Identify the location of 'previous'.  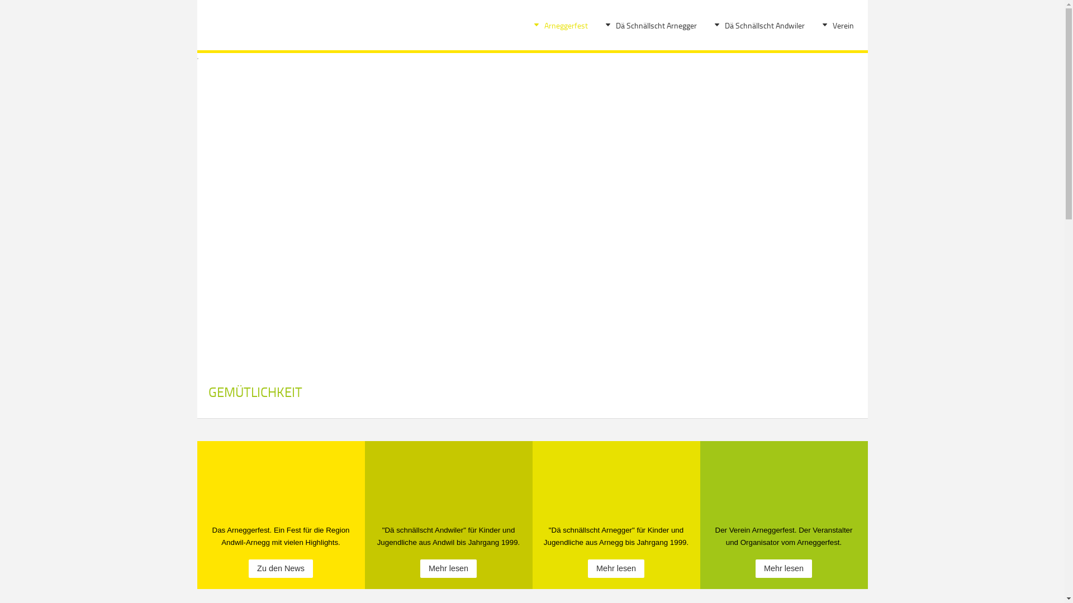
(216, 197).